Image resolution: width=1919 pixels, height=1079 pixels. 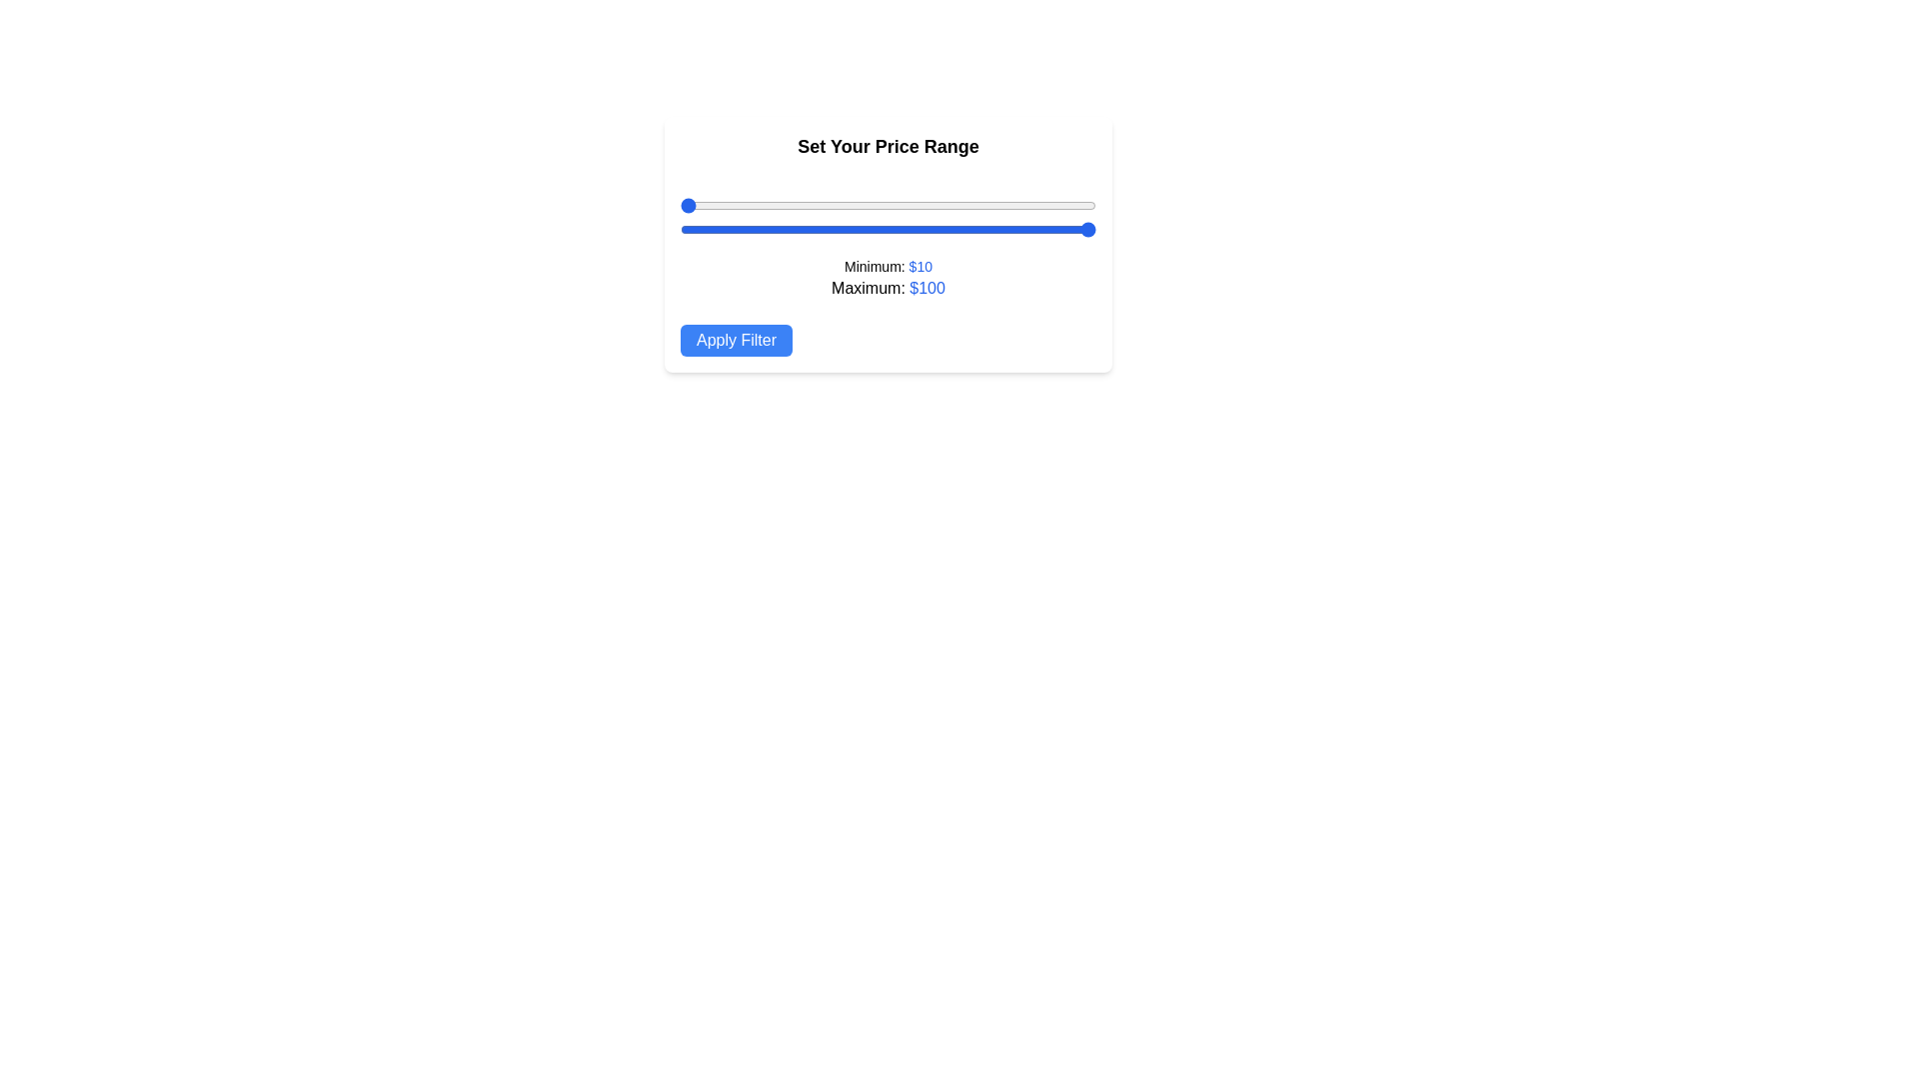 I want to click on the text label displaying the value '$100' in blue font, which is part of the price range section aligned with 'Maximum:', so click(x=927, y=288).